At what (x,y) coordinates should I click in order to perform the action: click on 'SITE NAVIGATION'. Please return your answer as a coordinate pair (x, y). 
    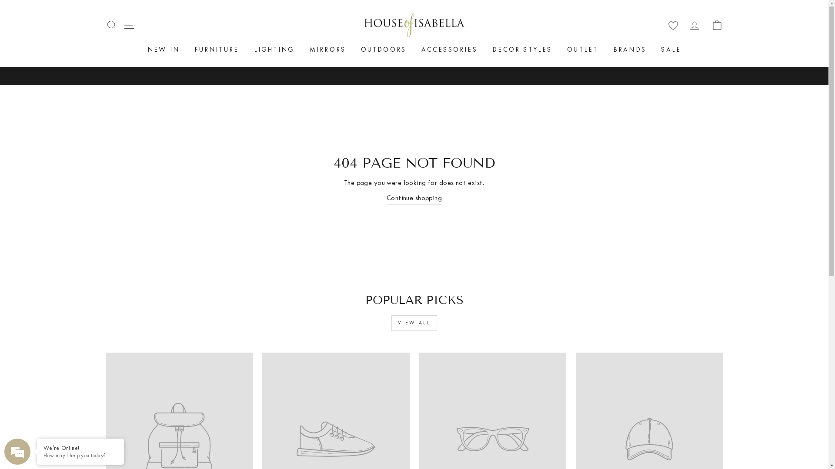
    Looking at the image, I should click on (128, 24).